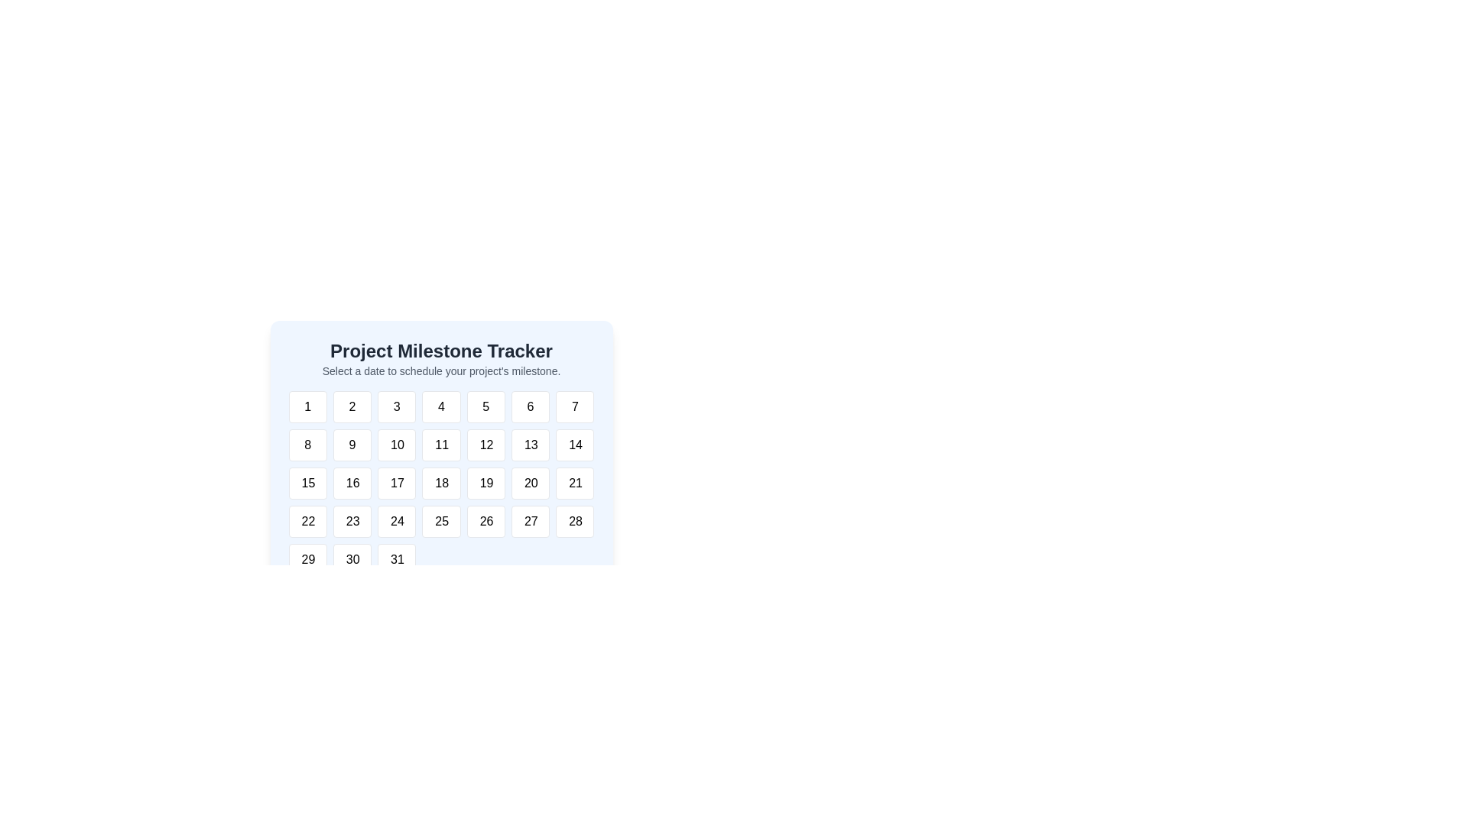 This screenshot has width=1468, height=825. What do you see at coordinates (351, 445) in the screenshot?
I see `the rounded white button labeled '9', located in the second row and second column of a 7-column grid` at bounding box center [351, 445].